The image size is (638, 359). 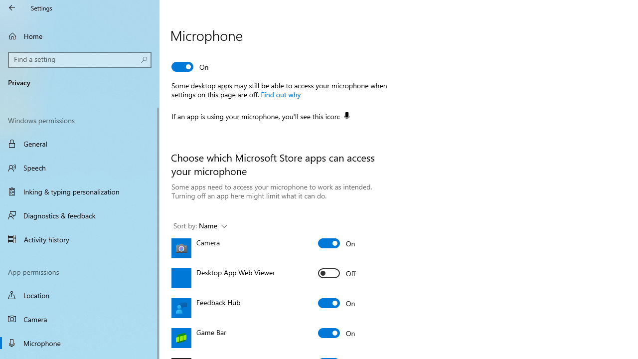 What do you see at coordinates (80, 144) in the screenshot?
I see `'General'` at bounding box center [80, 144].